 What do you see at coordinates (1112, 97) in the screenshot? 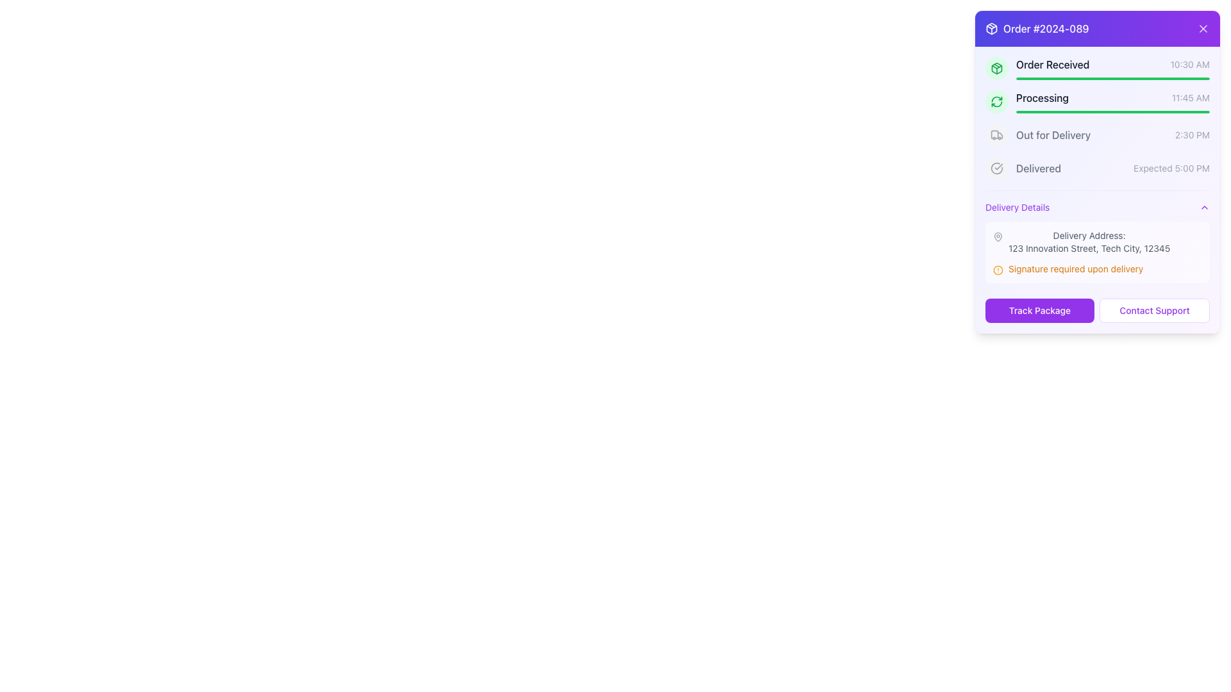
I see `the 'Processing' status indicator with the timestamp '11:45 AM', which is the second element in the vertical list of status indicators, located beneath 'Order Received' and above 'Out for Delivery'` at bounding box center [1112, 97].